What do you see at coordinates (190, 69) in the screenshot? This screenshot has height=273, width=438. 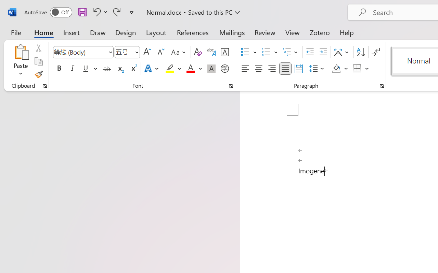 I see `'Font Color RGB(255, 0, 0)'` at bounding box center [190, 69].